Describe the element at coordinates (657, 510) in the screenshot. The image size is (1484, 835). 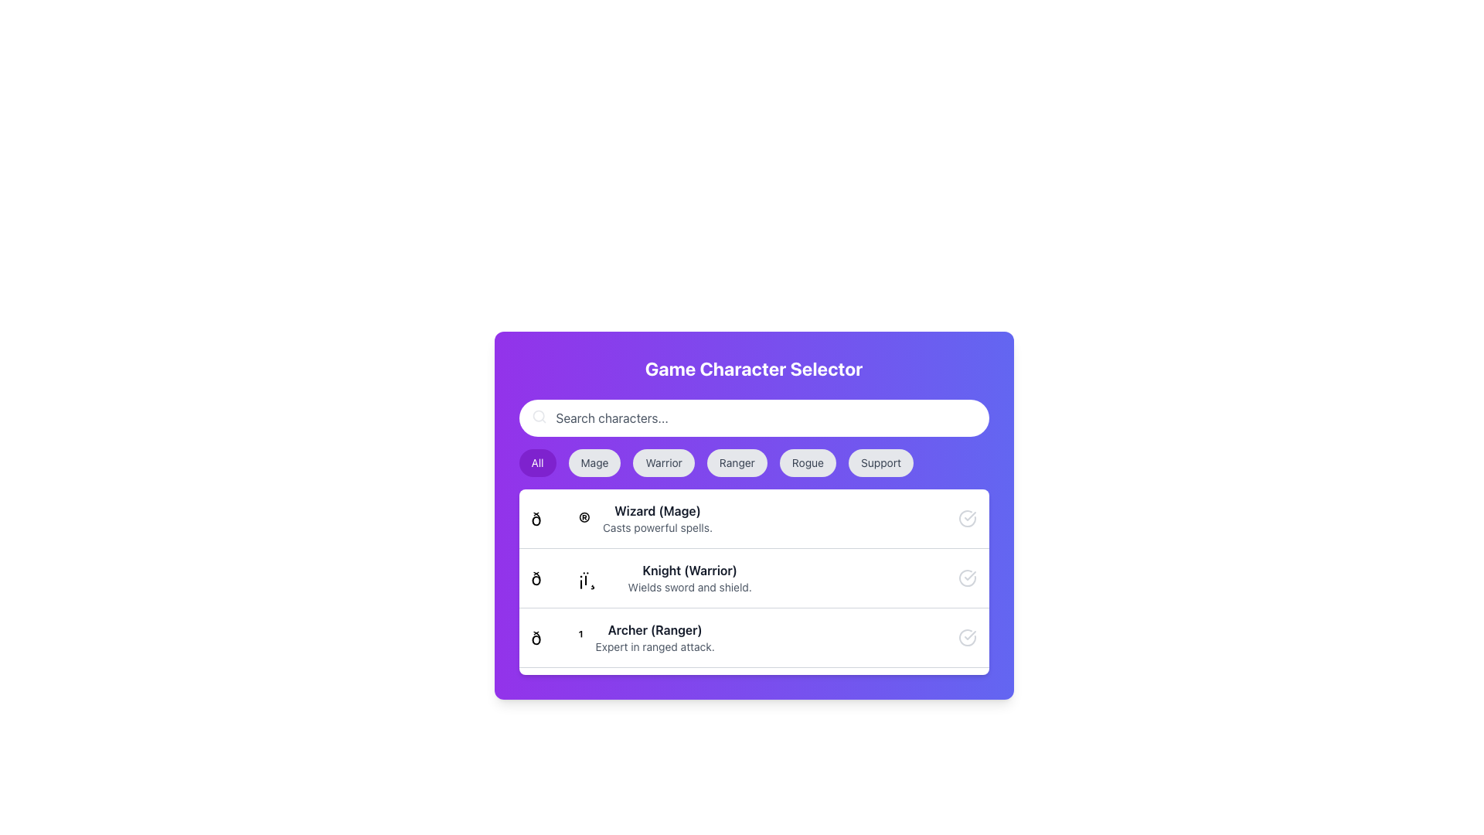
I see `the text label 'Wizard (Mage)', which is styled in bold black font and is the first item in a vertical list` at that location.